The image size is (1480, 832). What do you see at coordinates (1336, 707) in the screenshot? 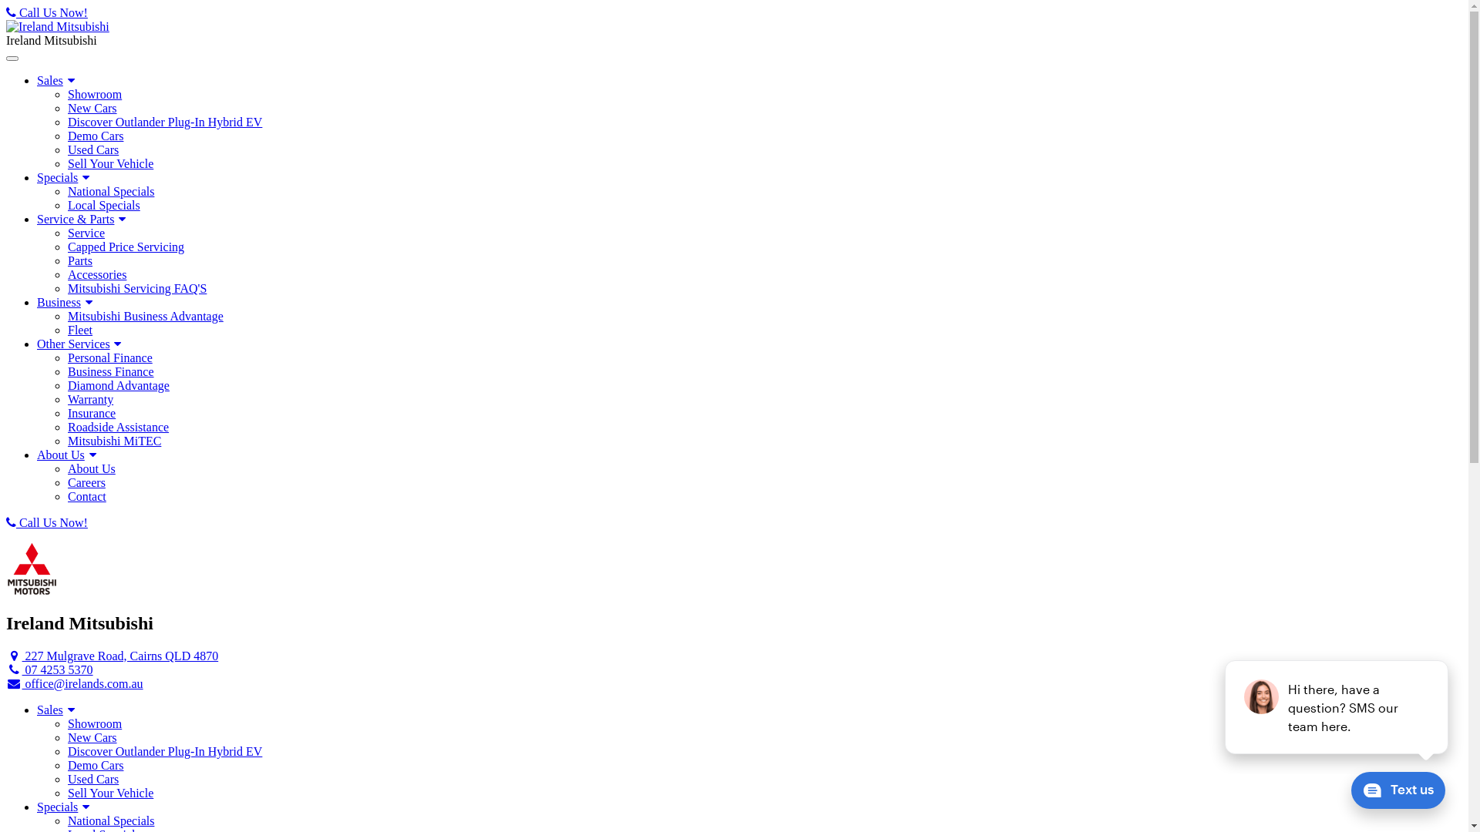
I see `'podium webchat widget prompt'` at bounding box center [1336, 707].